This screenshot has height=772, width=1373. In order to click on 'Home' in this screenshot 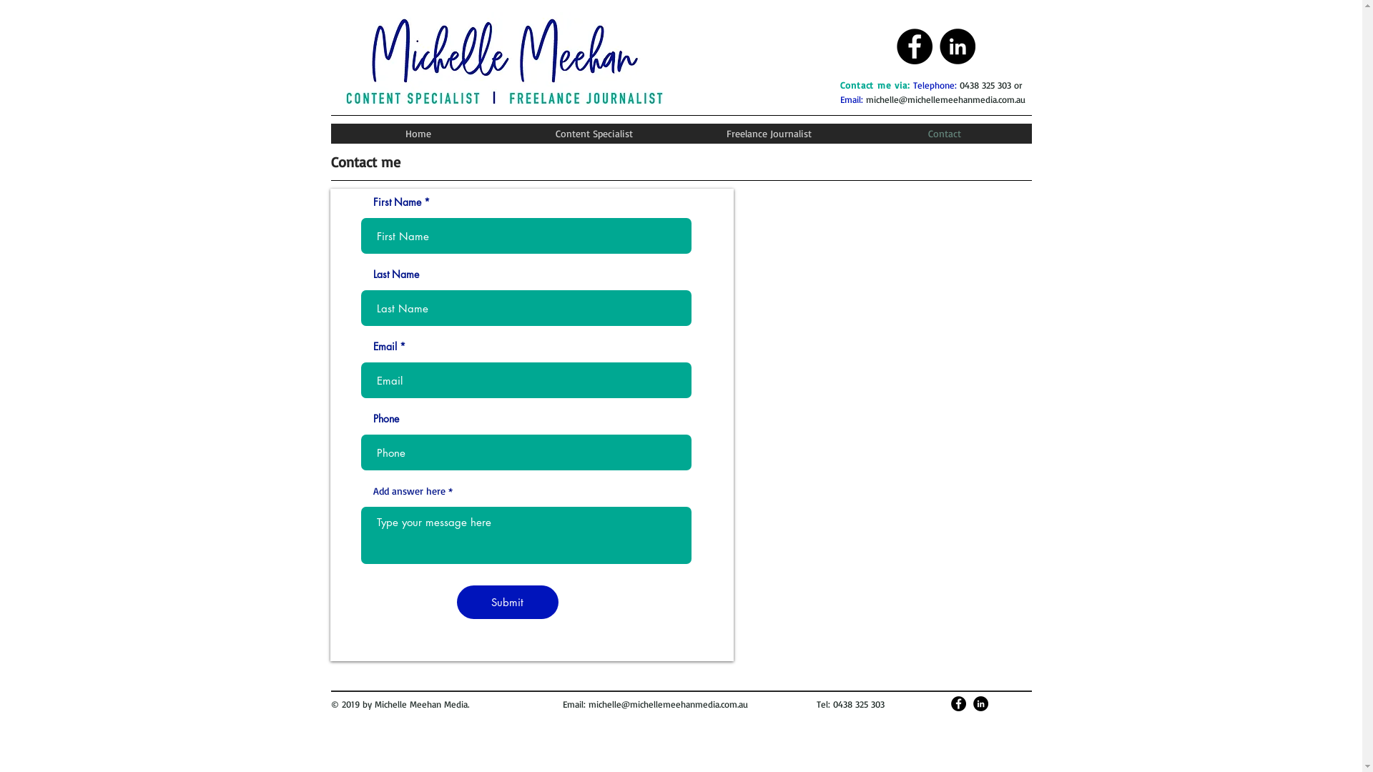, I will do `click(417, 133)`.